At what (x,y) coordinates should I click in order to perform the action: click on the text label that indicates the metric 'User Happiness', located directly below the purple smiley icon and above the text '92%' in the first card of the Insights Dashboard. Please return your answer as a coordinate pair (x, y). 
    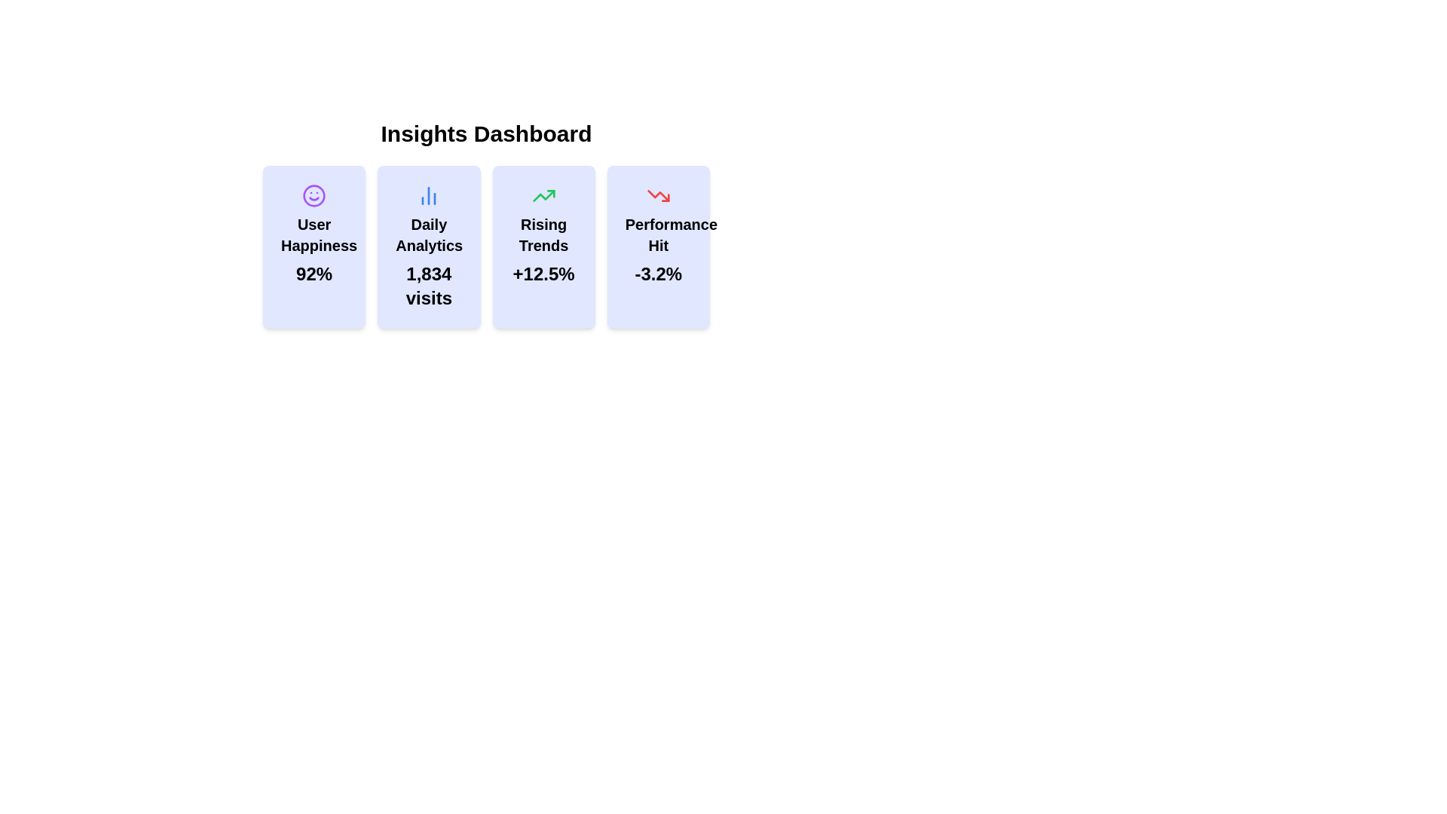
    Looking at the image, I should click on (314, 235).